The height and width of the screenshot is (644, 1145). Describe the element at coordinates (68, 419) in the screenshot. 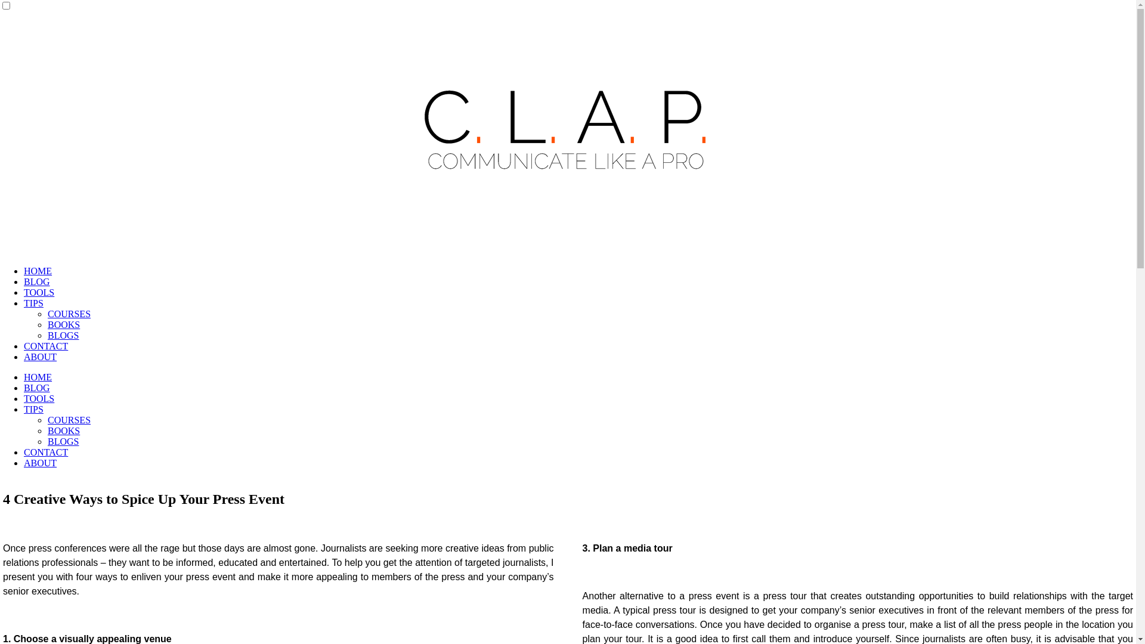

I see `'COURSES'` at that location.